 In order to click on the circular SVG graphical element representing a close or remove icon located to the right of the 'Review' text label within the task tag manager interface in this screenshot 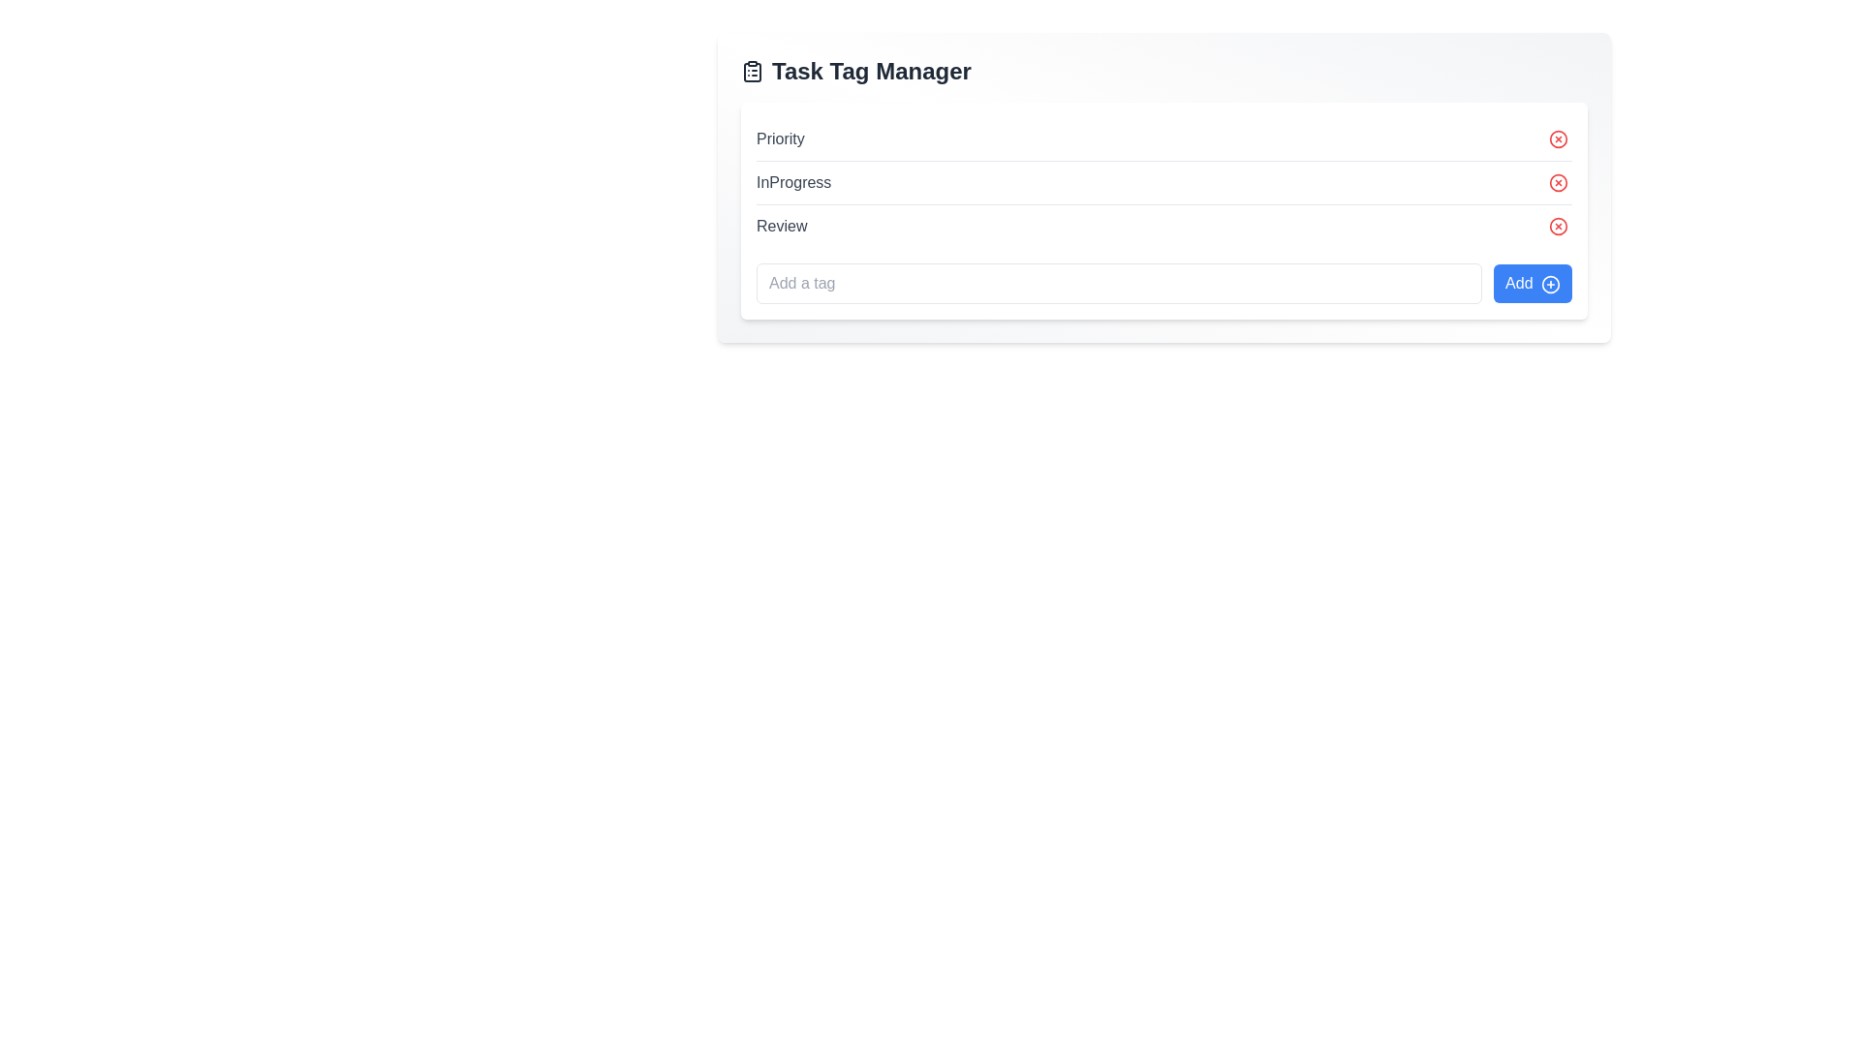, I will do `click(1558, 226)`.